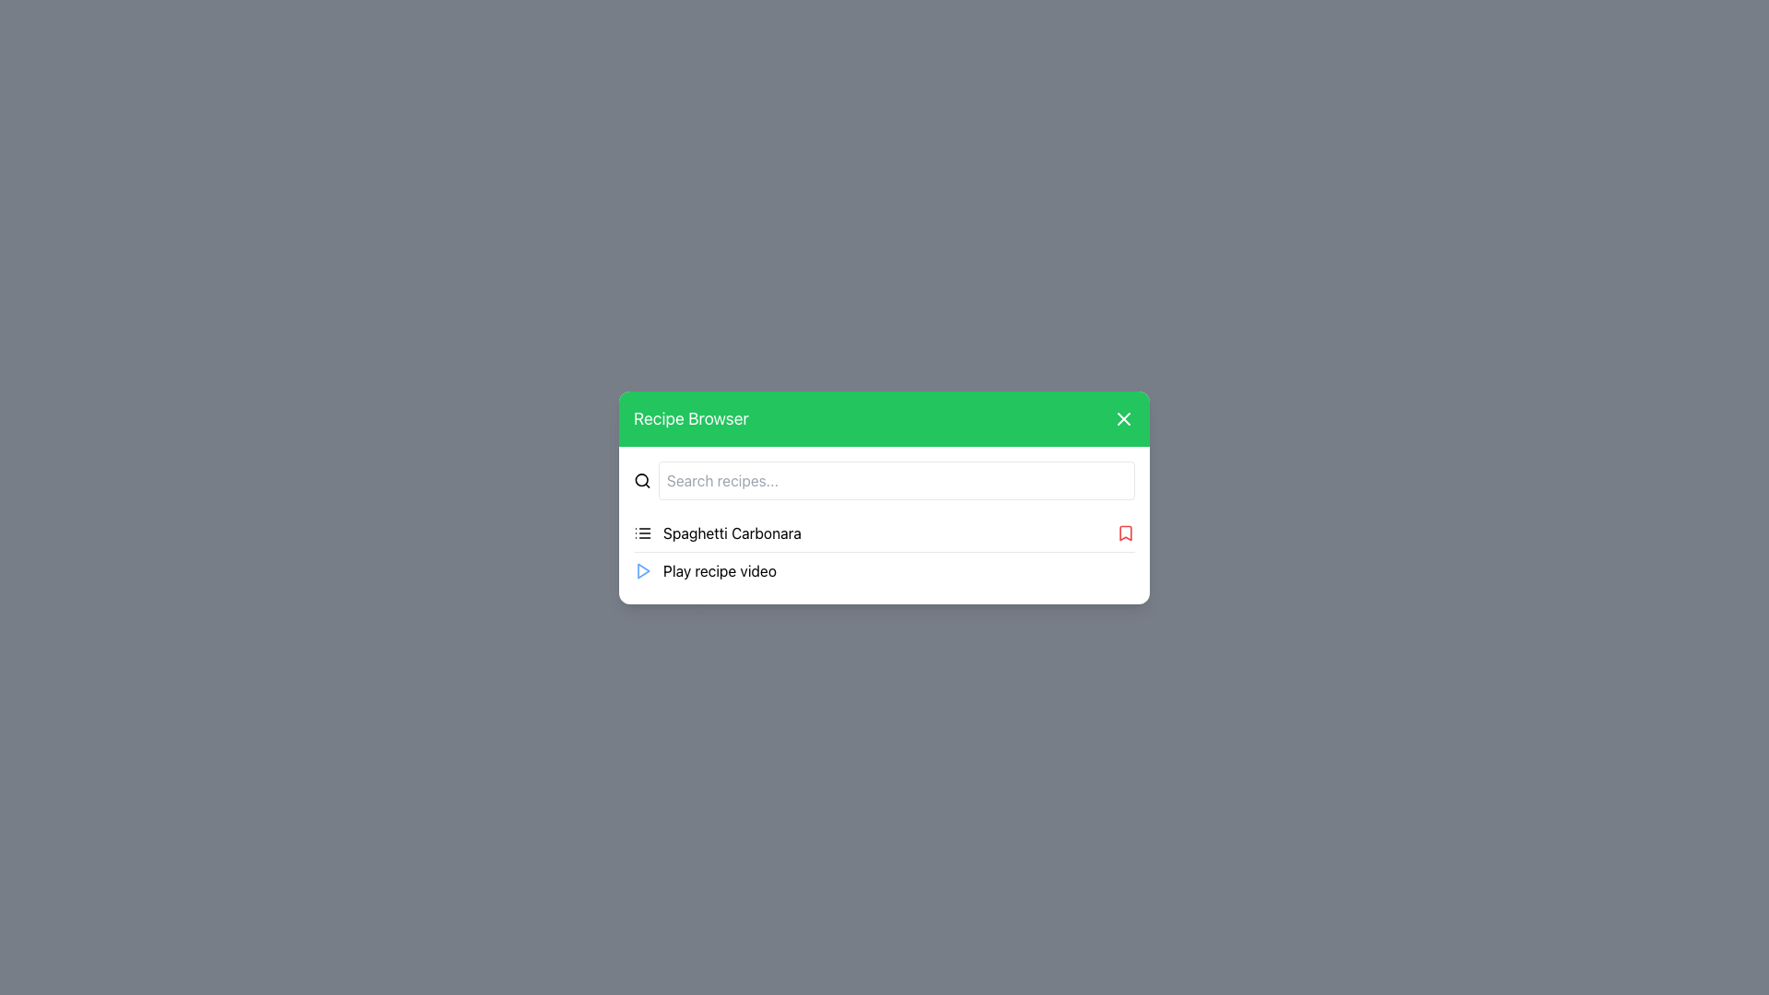  What do you see at coordinates (642, 569) in the screenshot?
I see `the play icon that visually represents a play action, located to the left of the text 'Play recipe video'` at bounding box center [642, 569].